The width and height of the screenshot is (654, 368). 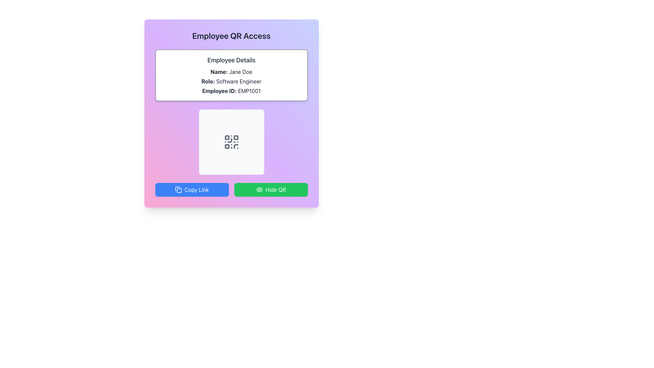 What do you see at coordinates (178, 189) in the screenshot?
I see `the copy action icon located within the blue 'Copy Link' button at the bottom-left of the interface` at bounding box center [178, 189].